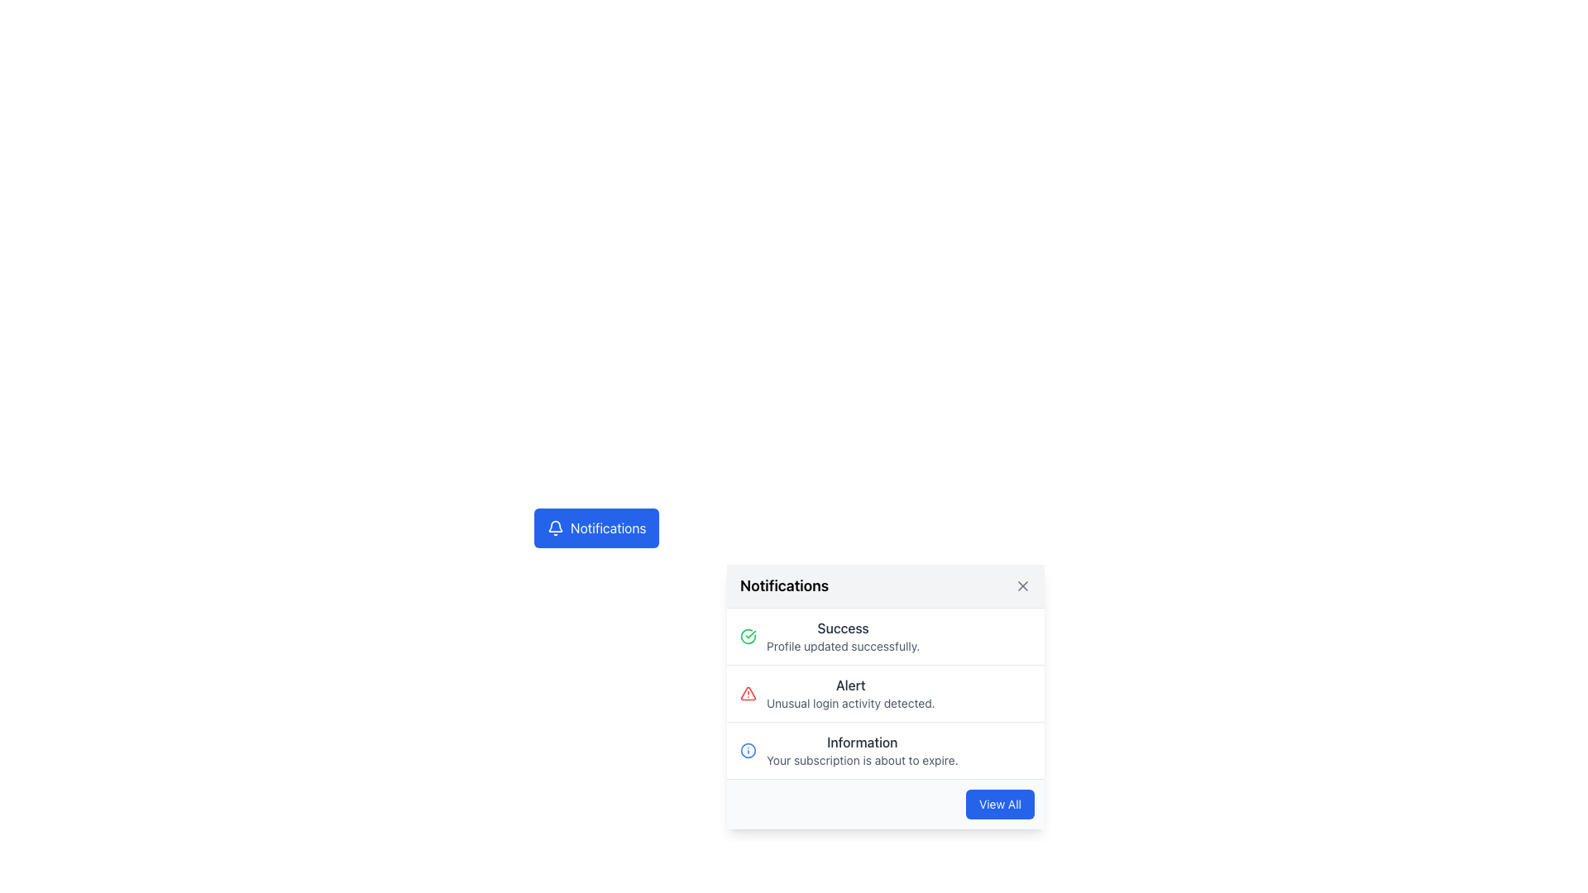 The height and width of the screenshot is (893, 1588). I want to click on the notifications button located at the bottom of the notifications panel, so click(999, 803).